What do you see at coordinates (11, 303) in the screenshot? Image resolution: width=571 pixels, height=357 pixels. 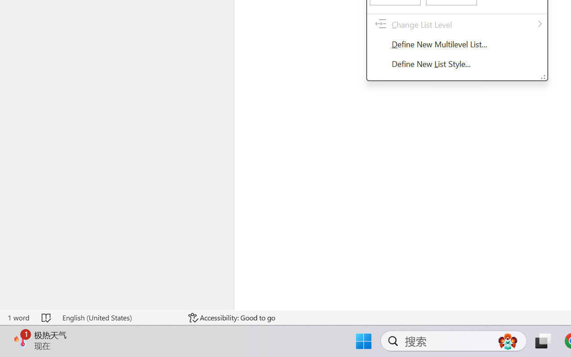 I see `'Manage'` at bounding box center [11, 303].